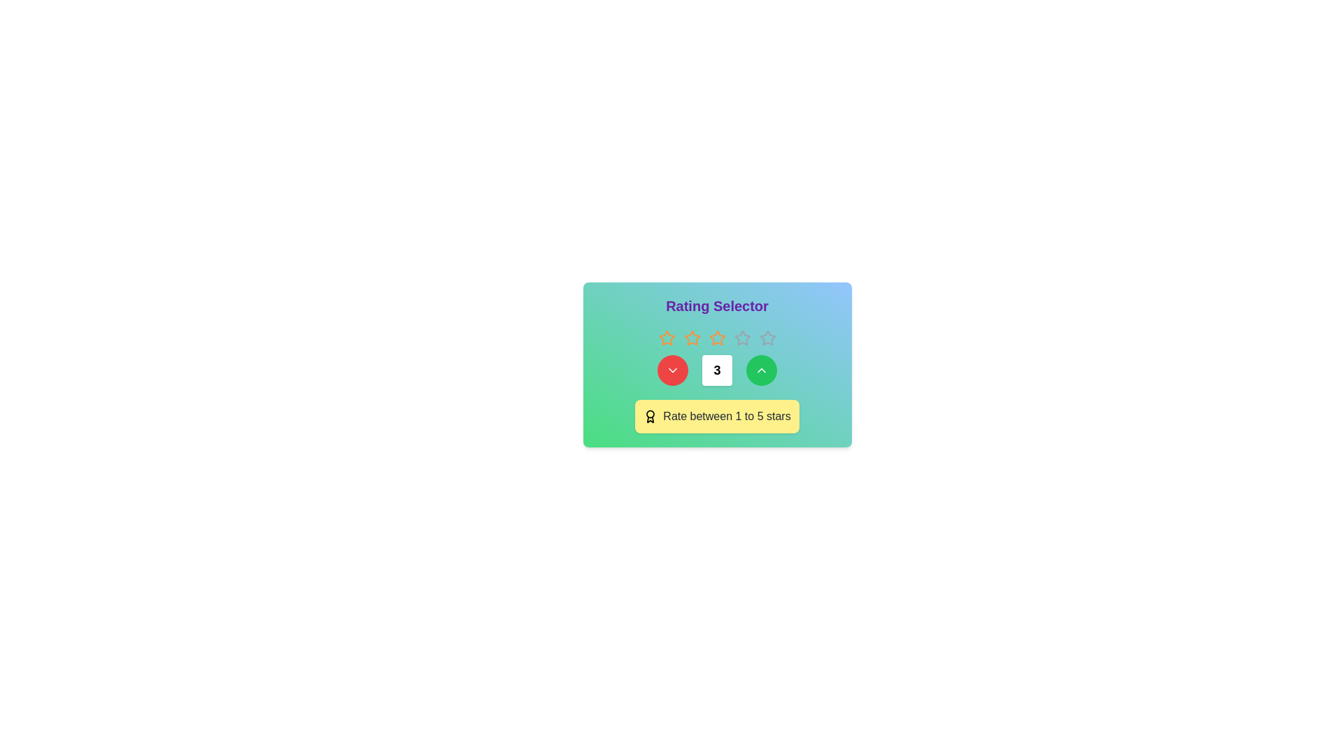 The image size is (1343, 755). What do you see at coordinates (692, 338) in the screenshot?
I see `the second star icon in the rating selector` at bounding box center [692, 338].